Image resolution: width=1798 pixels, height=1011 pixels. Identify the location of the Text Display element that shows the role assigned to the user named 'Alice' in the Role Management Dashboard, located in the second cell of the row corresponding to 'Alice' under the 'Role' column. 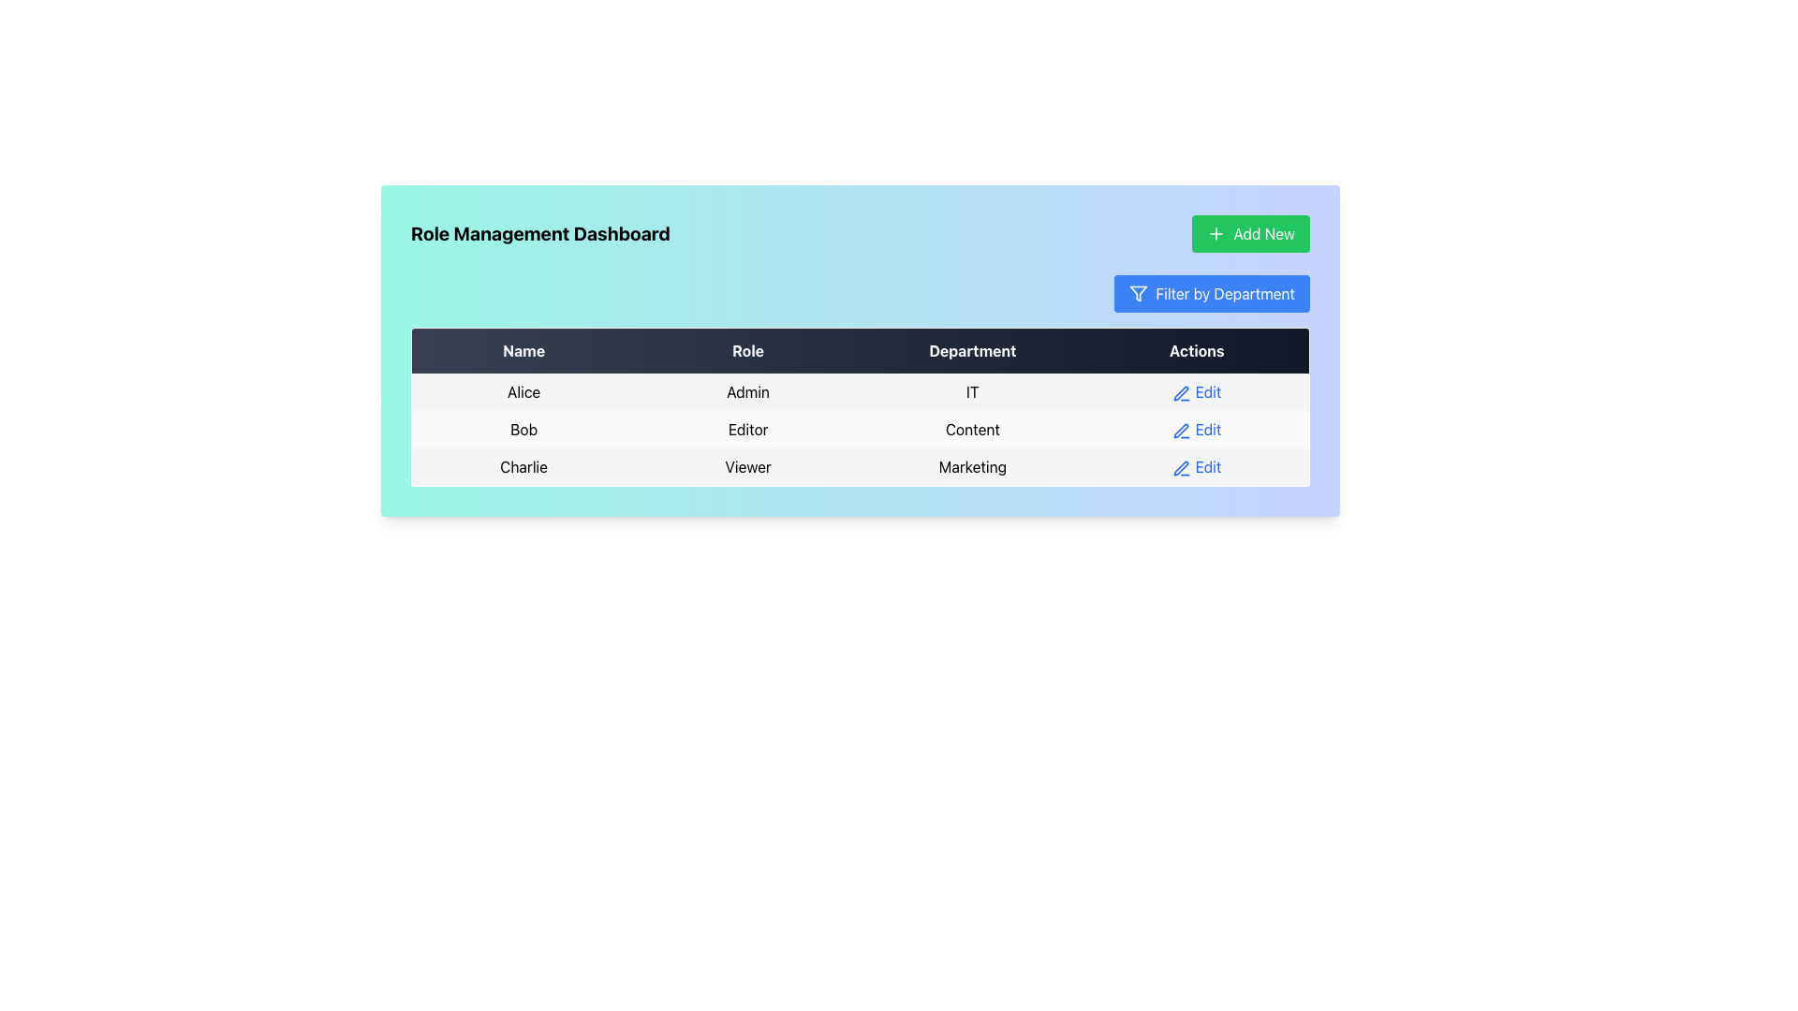
(747, 391).